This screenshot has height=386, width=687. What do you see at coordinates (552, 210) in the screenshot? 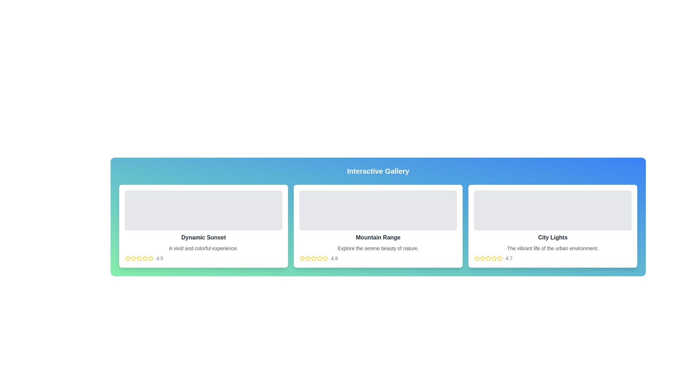
I see `the image placeholder located at the top of the card labeled 'City Lights', which serves as a placeholder for visual content` at bounding box center [552, 210].